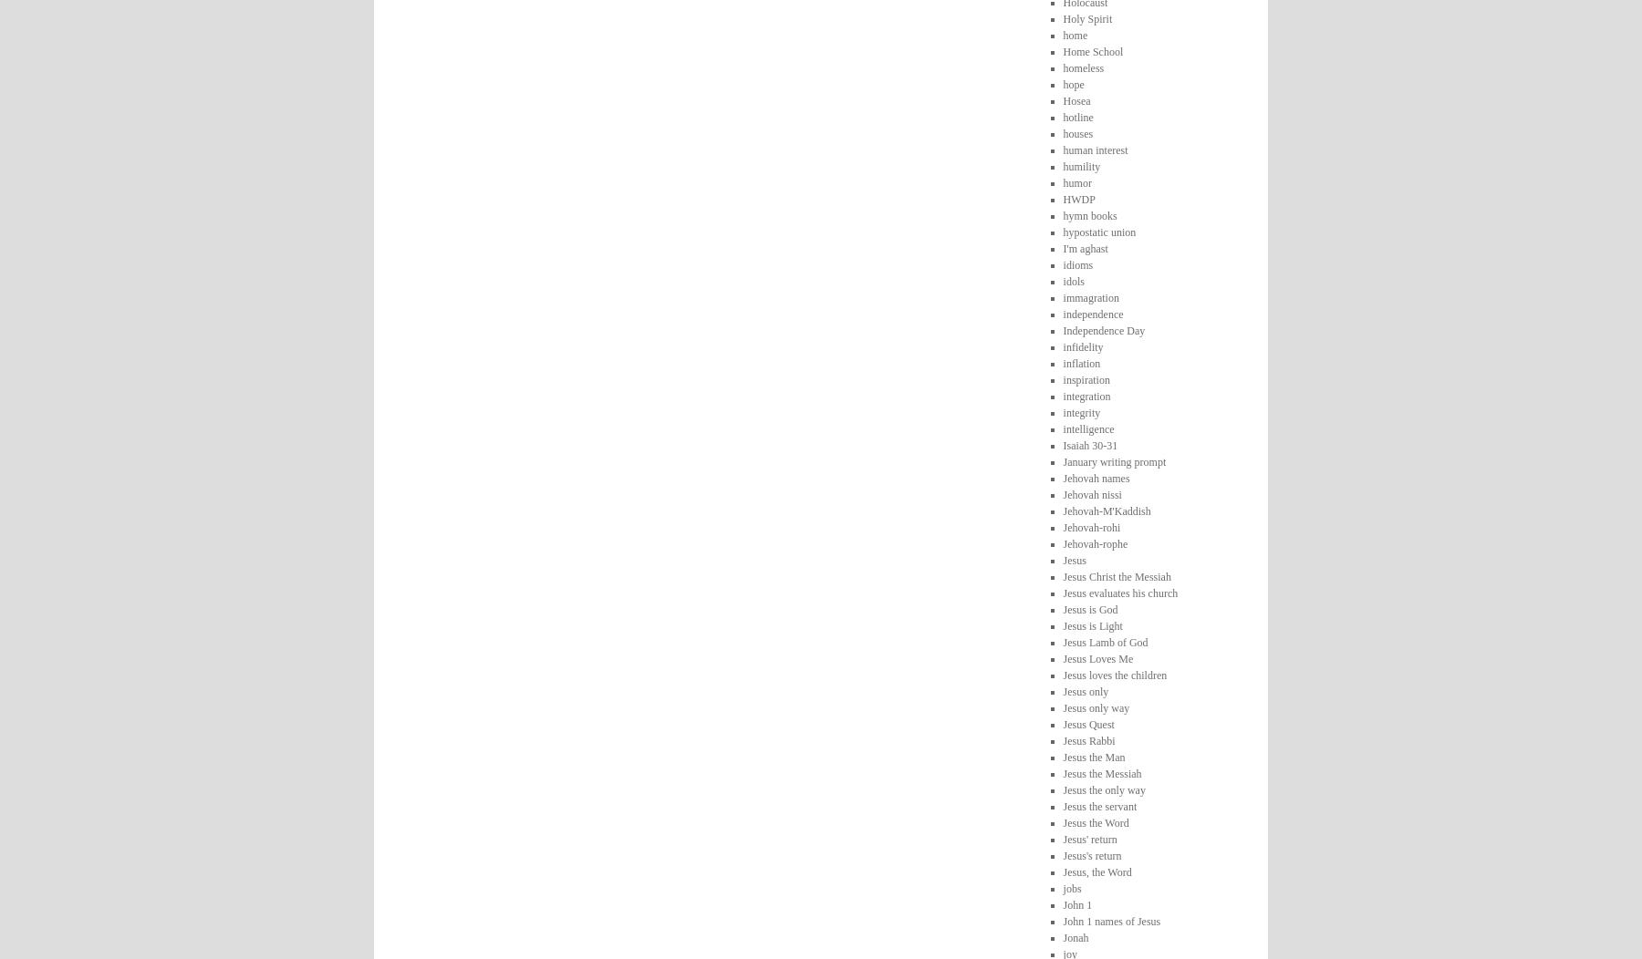 This screenshot has height=959, width=1642. What do you see at coordinates (1095, 477) in the screenshot?
I see `'Jehovah names'` at bounding box center [1095, 477].